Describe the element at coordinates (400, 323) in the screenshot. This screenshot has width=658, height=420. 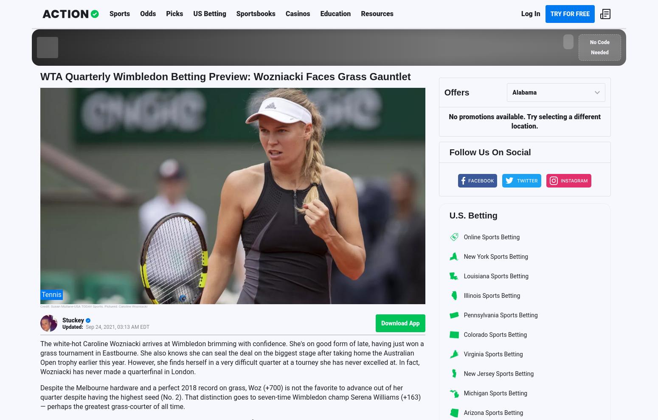
I see `'Download App'` at that location.